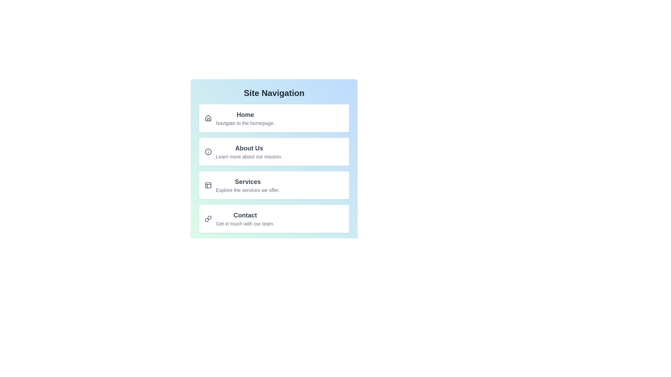 The image size is (671, 377). I want to click on the 'About Us' navigation item, which provides an overview of the site's mission, positioned between 'Home' and 'Services' in the Site Navigation list, so click(249, 151).